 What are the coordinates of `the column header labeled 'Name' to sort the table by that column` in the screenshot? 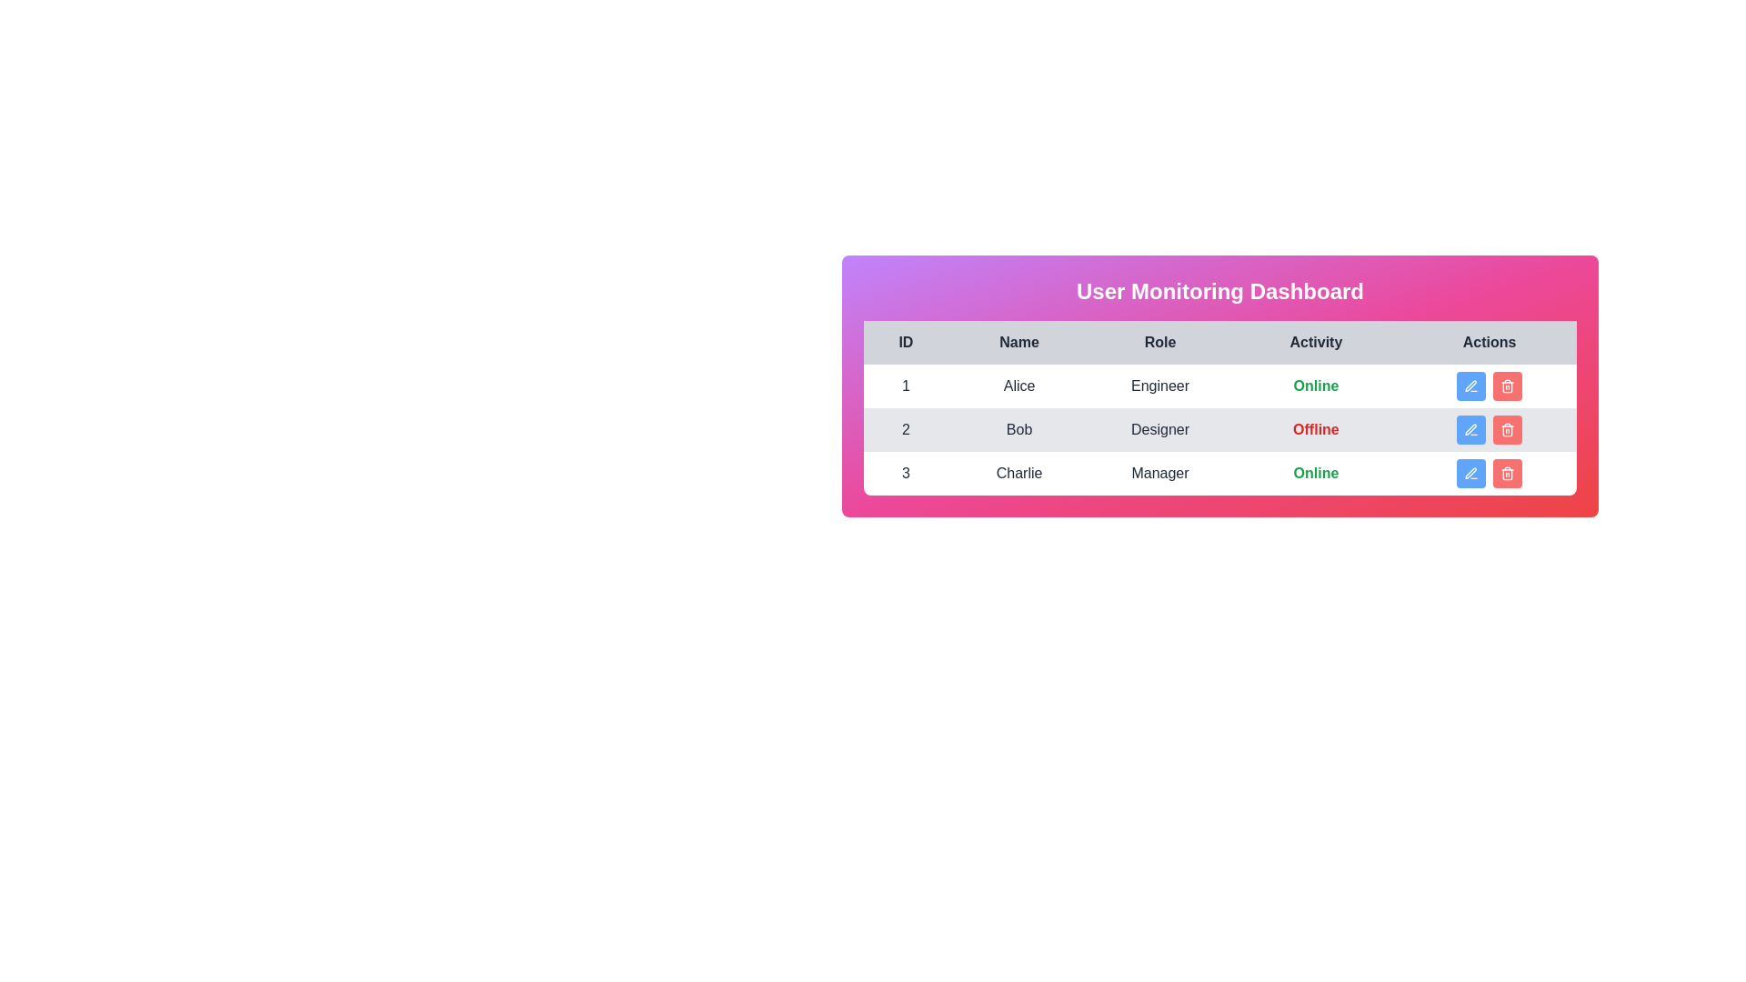 It's located at (1019, 343).